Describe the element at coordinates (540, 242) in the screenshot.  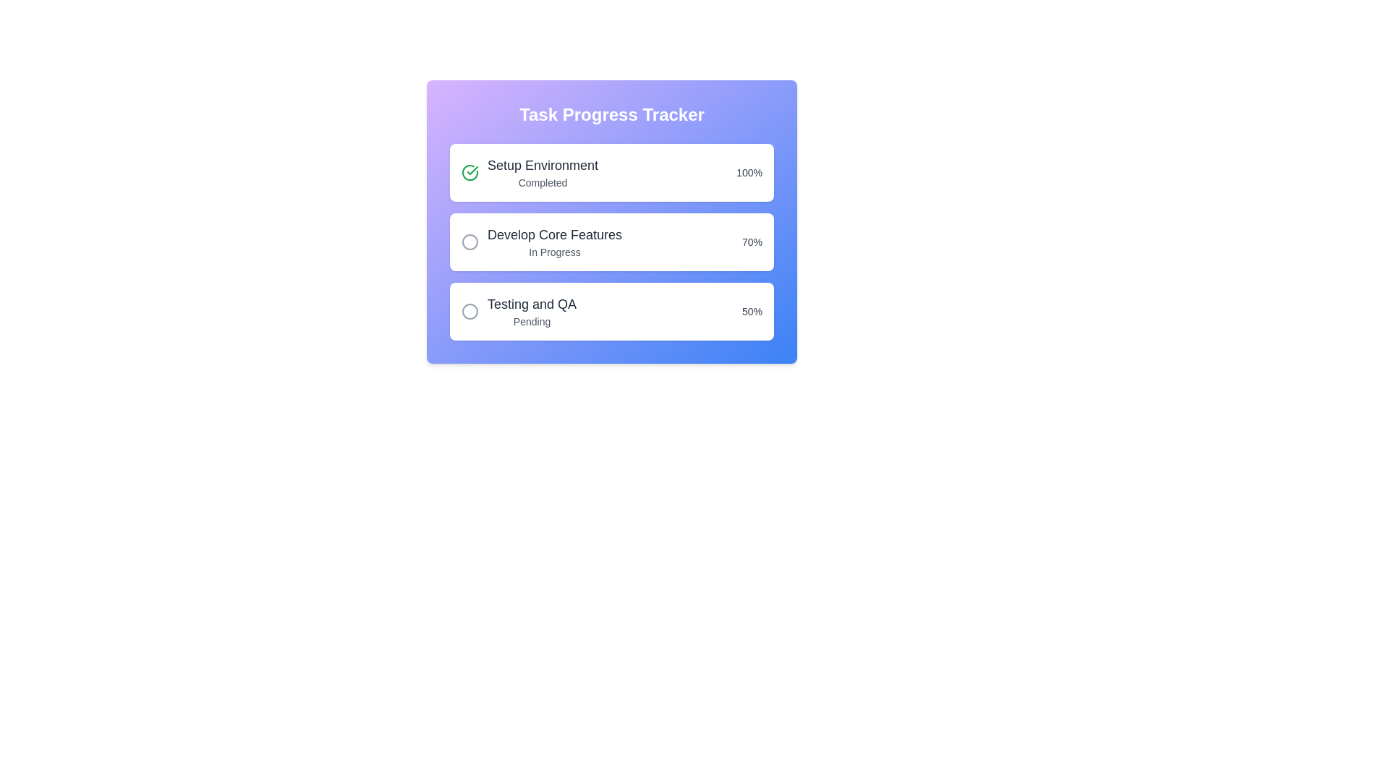
I see `the progress tracker item labeled 'Develop Core Features' which shows 'In Progress' beneath it, located in the second position of the vertically arranged progress tracker` at that location.